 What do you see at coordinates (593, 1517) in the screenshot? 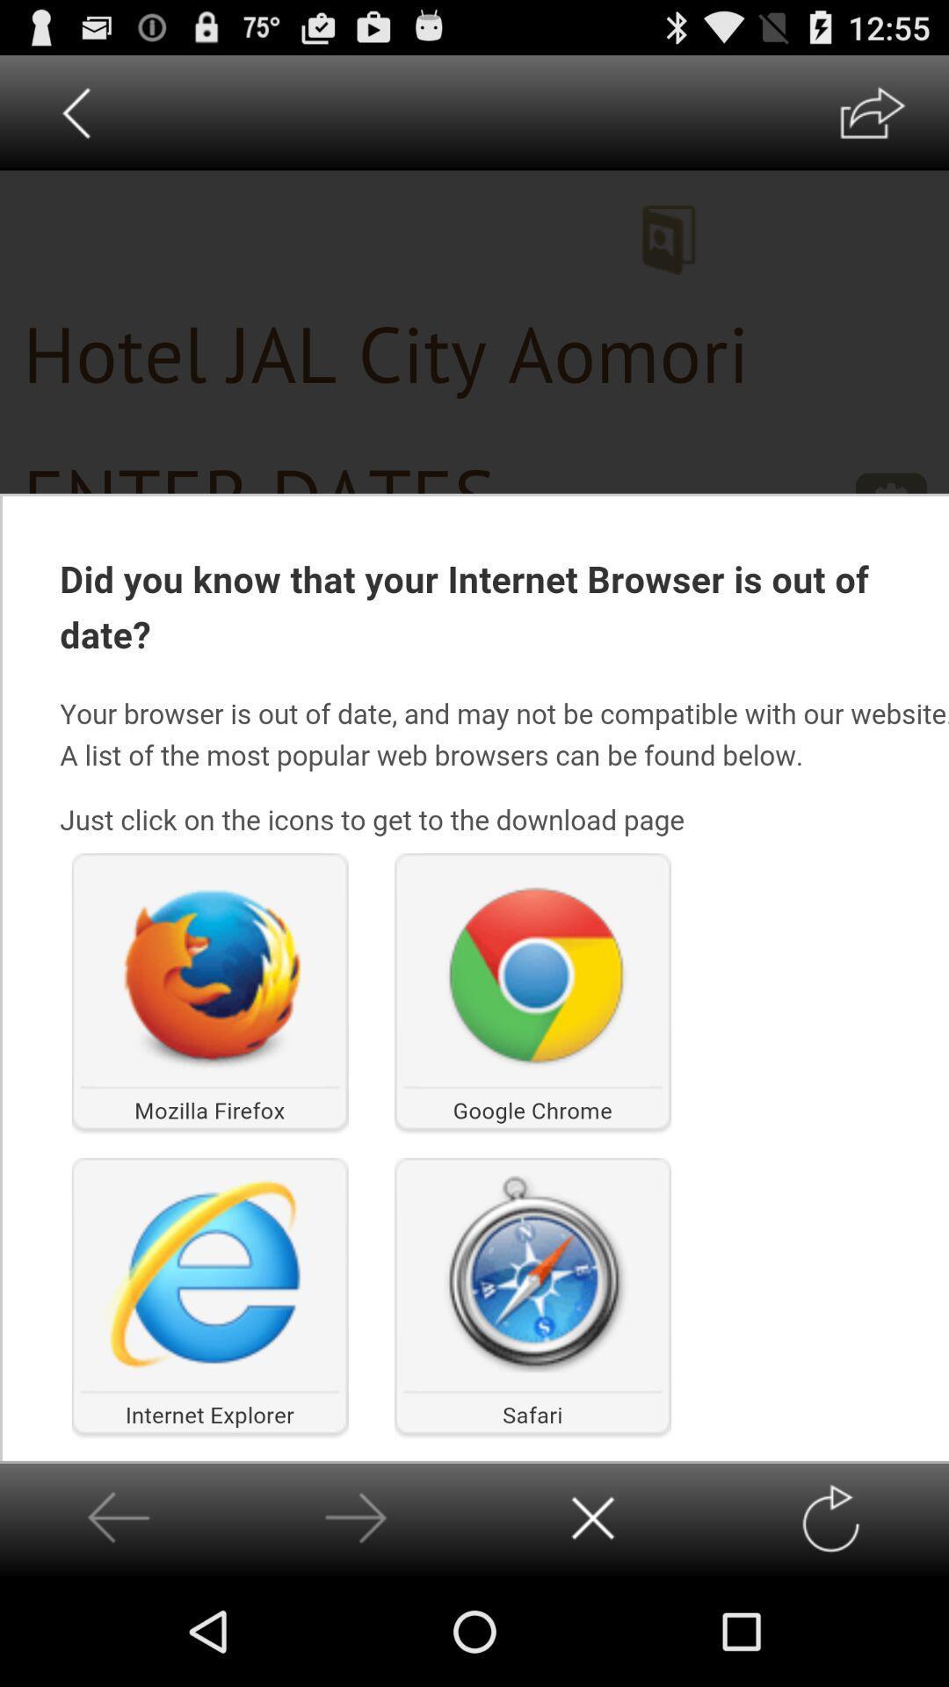
I see `the window` at bounding box center [593, 1517].